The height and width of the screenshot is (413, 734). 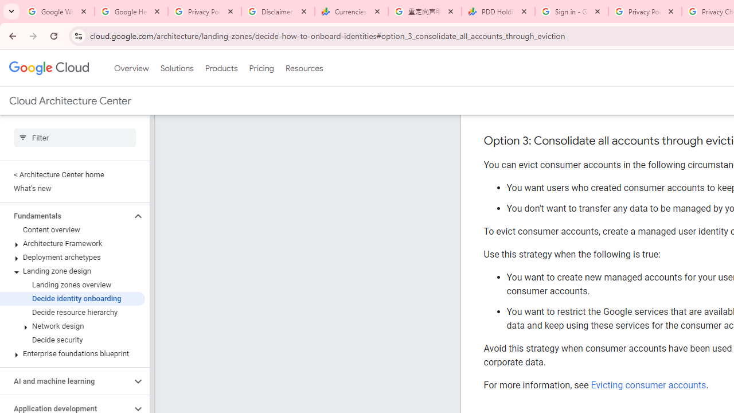 What do you see at coordinates (498, 11) in the screenshot?
I see `'PDD Holdings Inc - ADR (PDD) Price & News - Google Finance'` at bounding box center [498, 11].